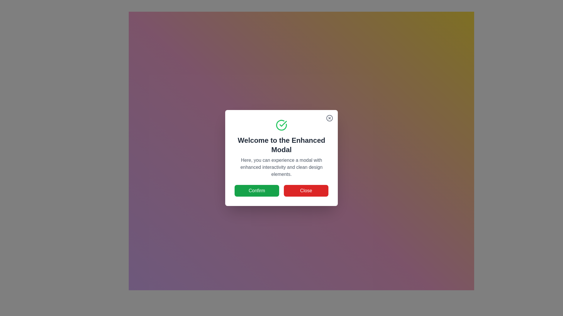 This screenshot has height=316, width=563. I want to click on descriptive text label located beneath the heading 'Welcome to the Enhanced Modal' and above the action buttons 'Confirm' and 'Close', so click(281, 167).